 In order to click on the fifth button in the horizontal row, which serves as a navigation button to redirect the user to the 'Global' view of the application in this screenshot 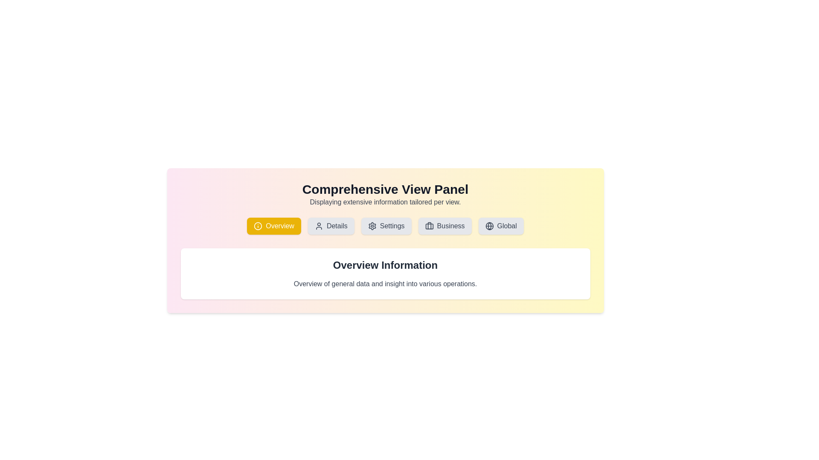, I will do `click(501, 226)`.